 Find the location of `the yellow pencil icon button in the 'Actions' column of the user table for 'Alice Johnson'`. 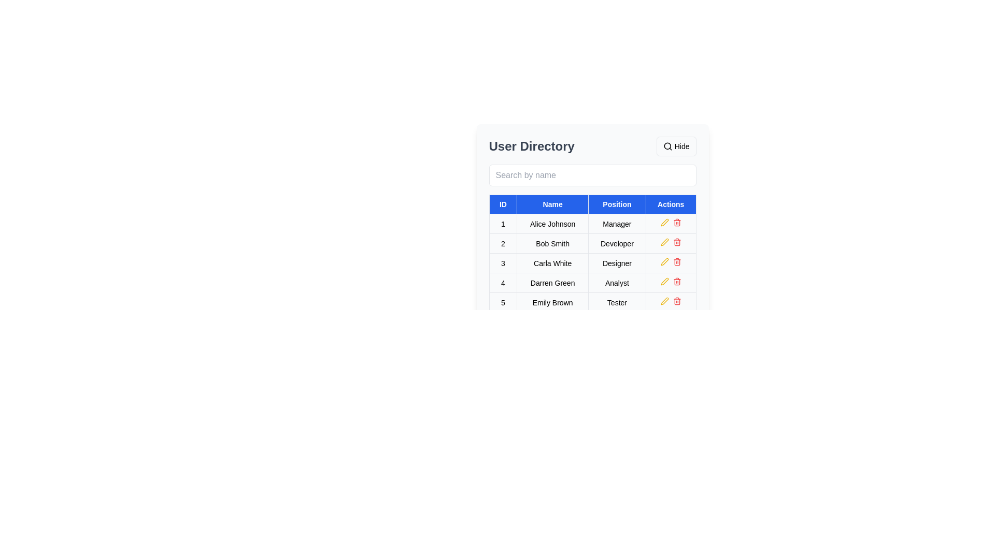

the yellow pencil icon button in the 'Actions' column of the user table for 'Alice Johnson' is located at coordinates (664, 222).